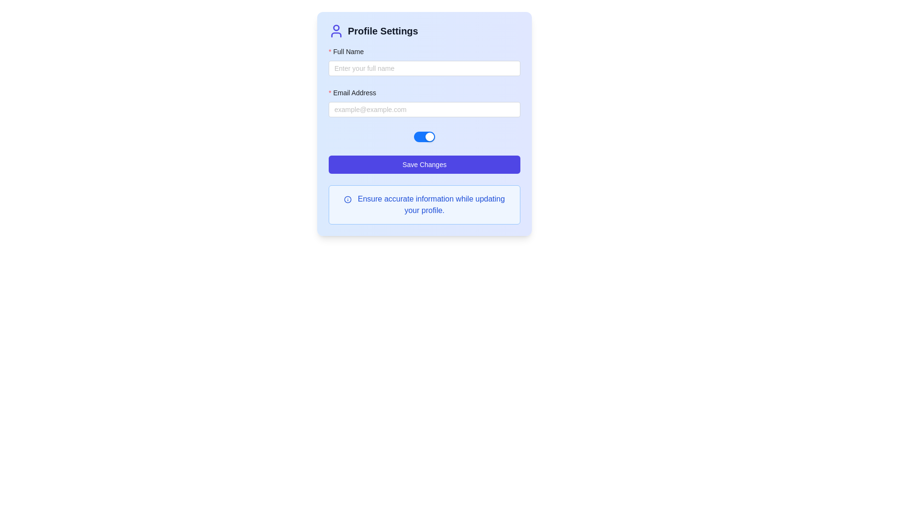  I want to click on the unchecked state indicator of the toggle switch located below the email input box, so click(438, 136).